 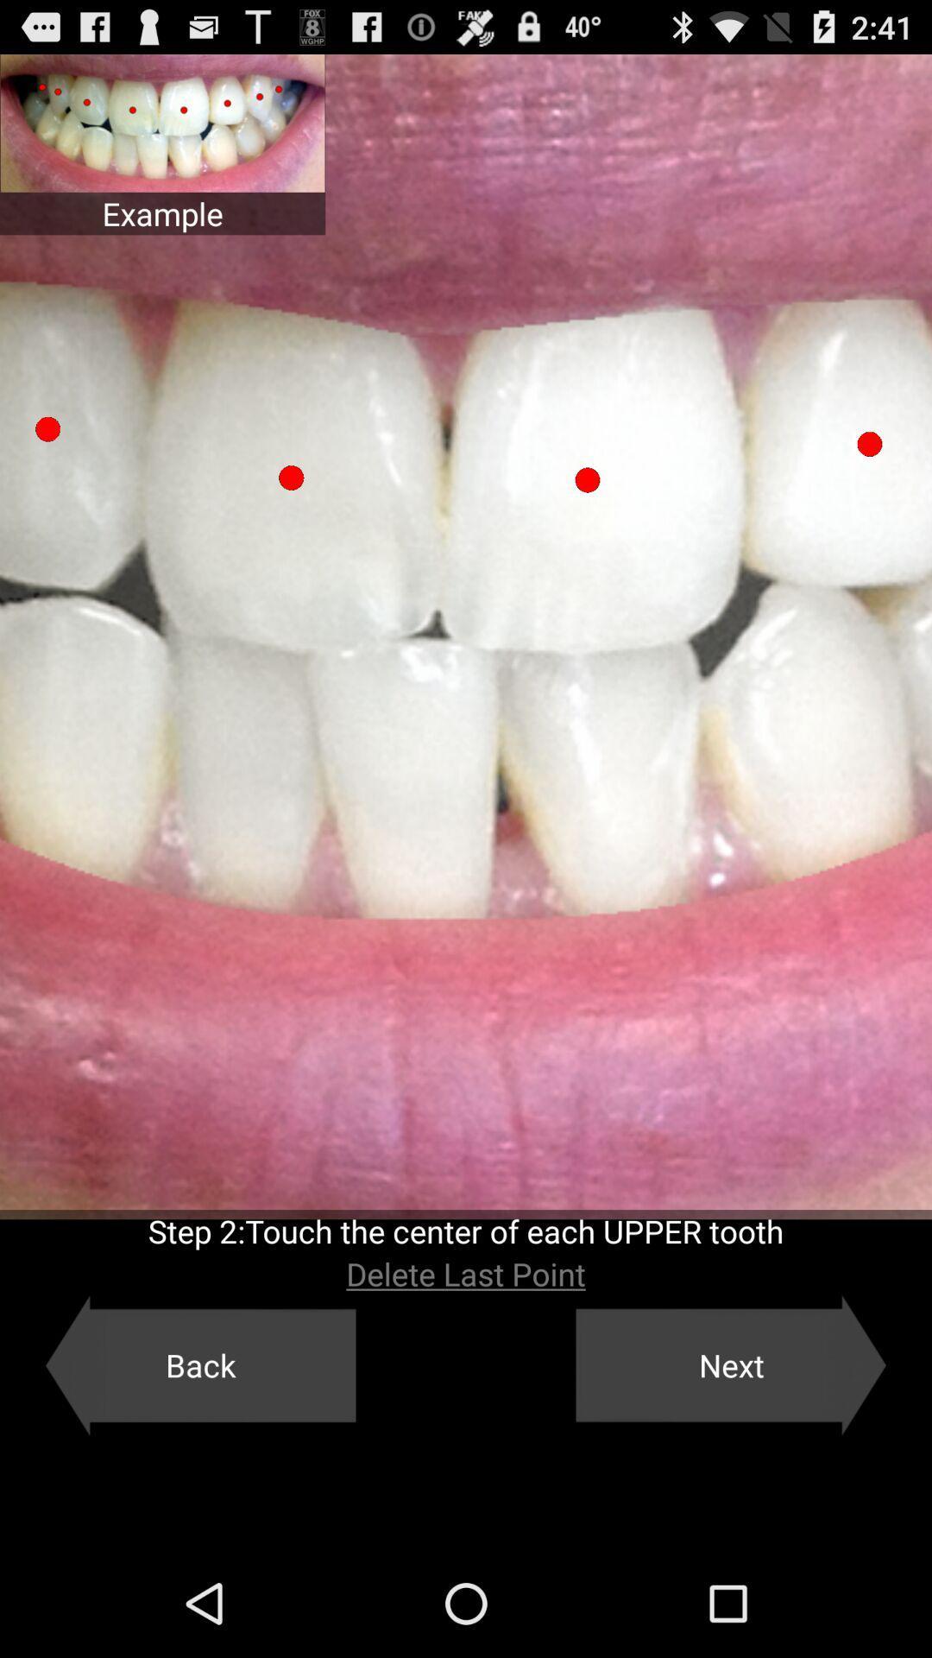 What do you see at coordinates (731, 1364) in the screenshot?
I see `the item next to the back` at bounding box center [731, 1364].